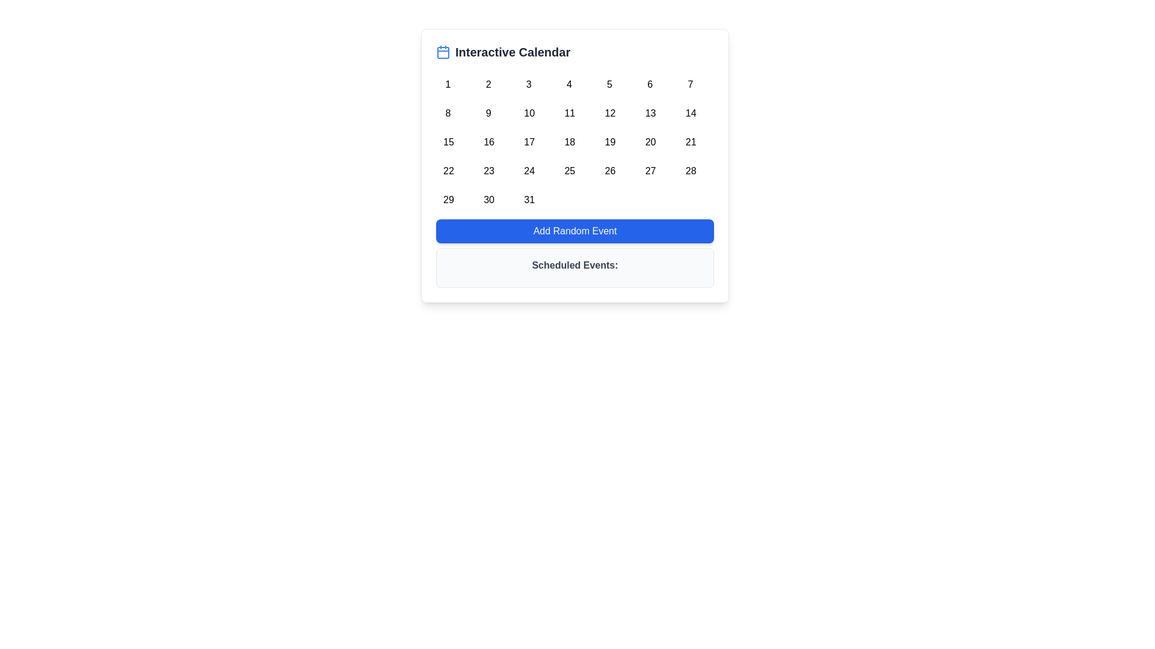 Image resolution: width=1155 pixels, height=649 pixels. I want to click on the square-shaped button displaying the number '2' in the interactive calendar, so click(488, 82).